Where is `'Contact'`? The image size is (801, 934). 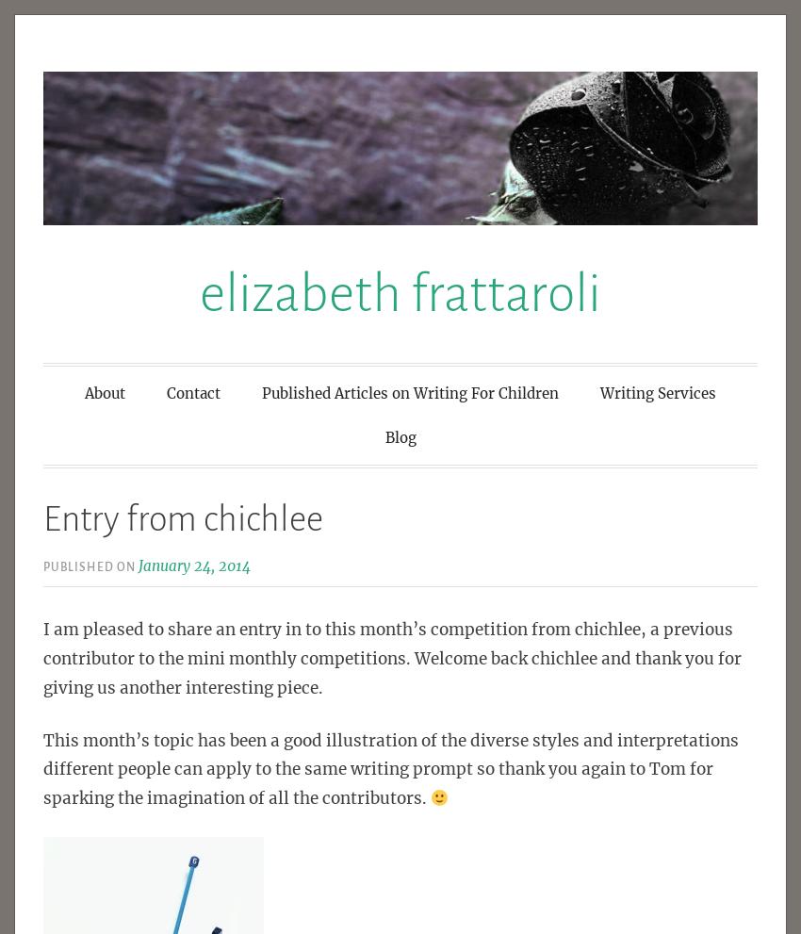 'Contact' is located at coordinates (192, 392).